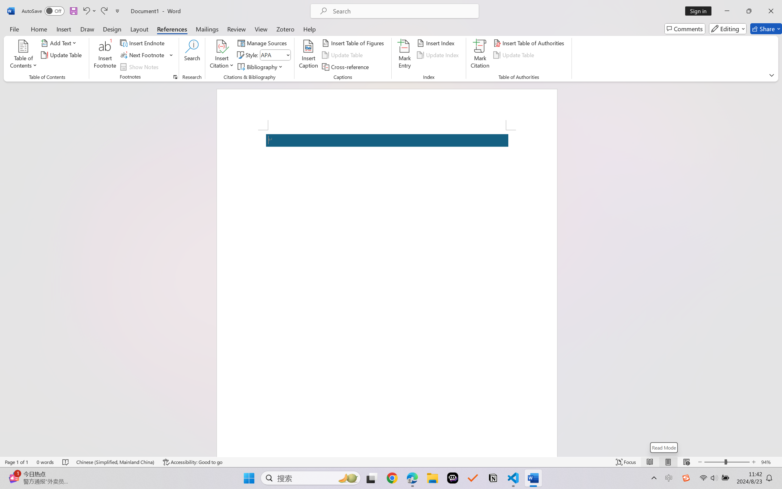 The width and height of the screenshot is (782, 489). I want to click on 'Next Footnote', so click(143, 55).